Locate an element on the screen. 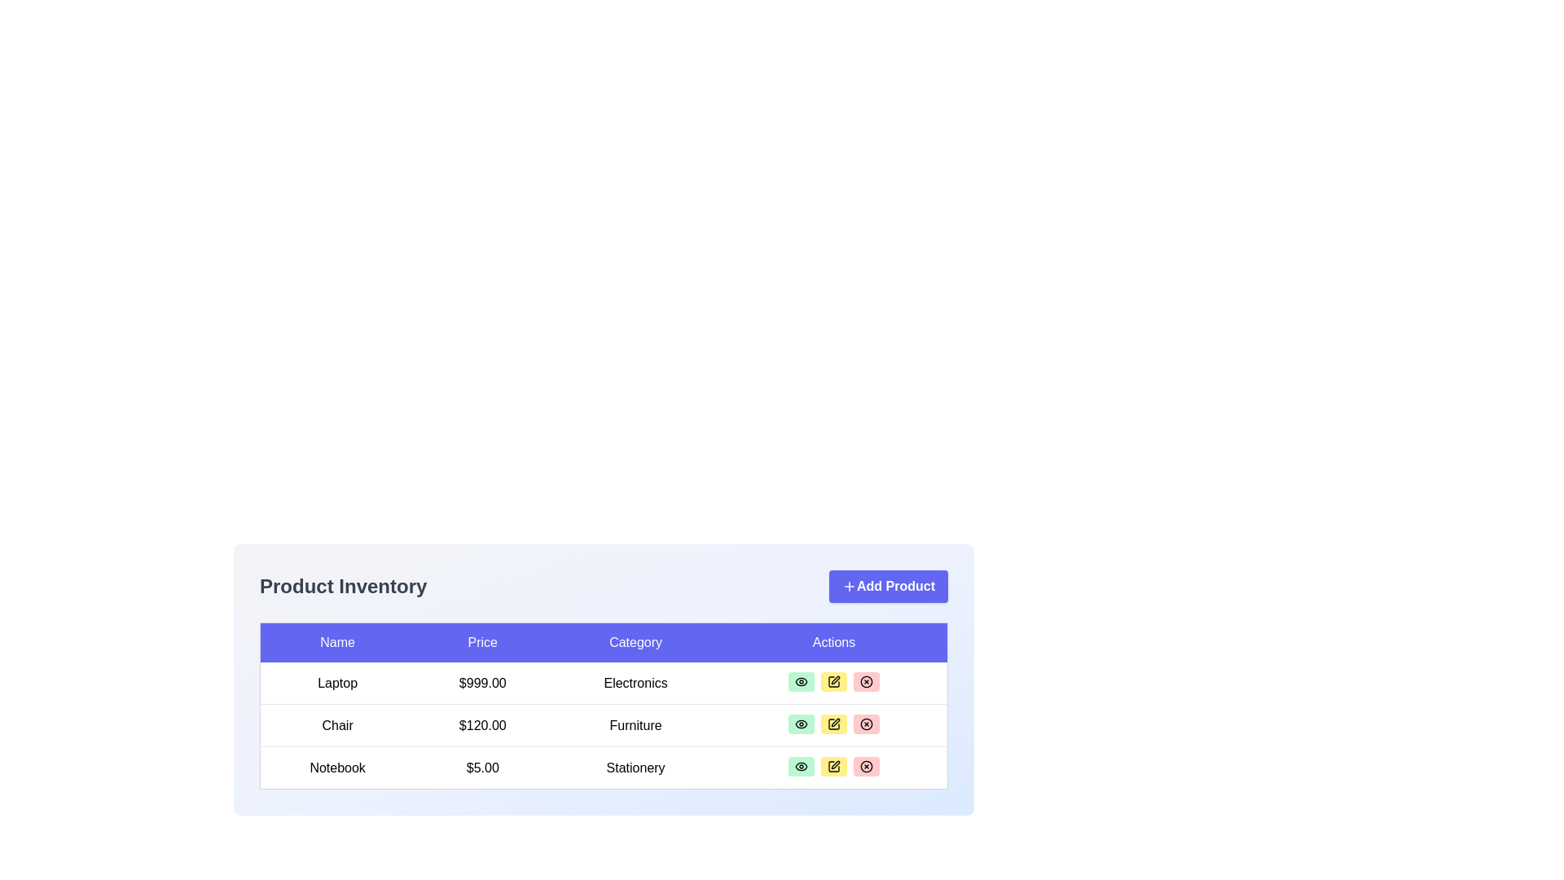 This screenshot has height=880, width=1564. the 'Category' column header label in the table, which is the third header between 'Price' and 'Actions' is located at coordinates (635, 641).